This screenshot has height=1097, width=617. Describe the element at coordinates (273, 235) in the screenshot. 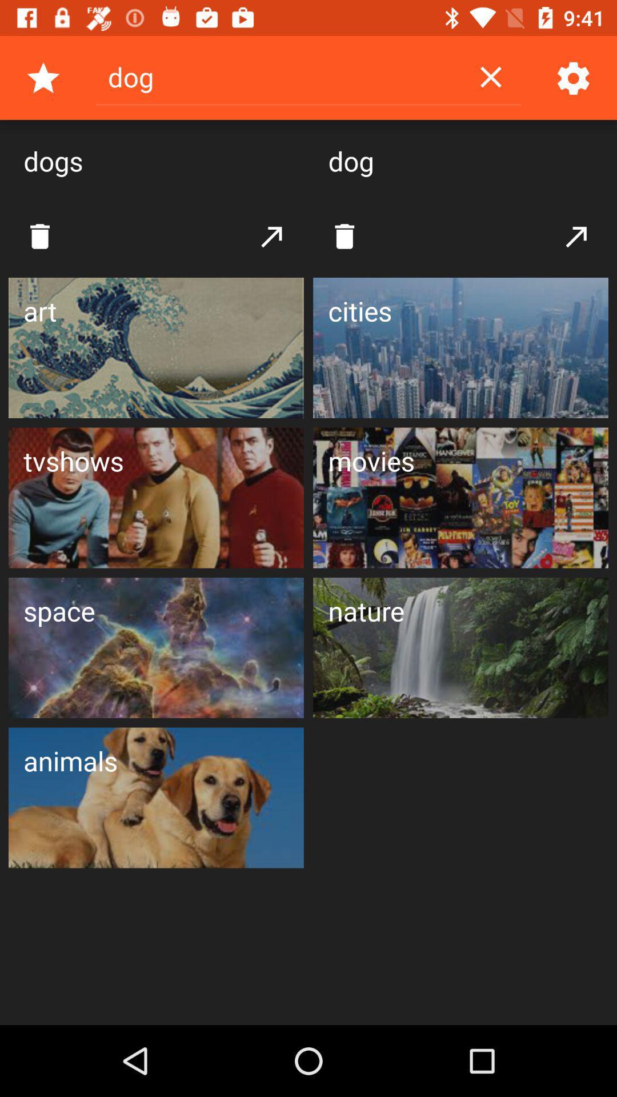

I see `the button which is in between both the delete buttons` at that location.